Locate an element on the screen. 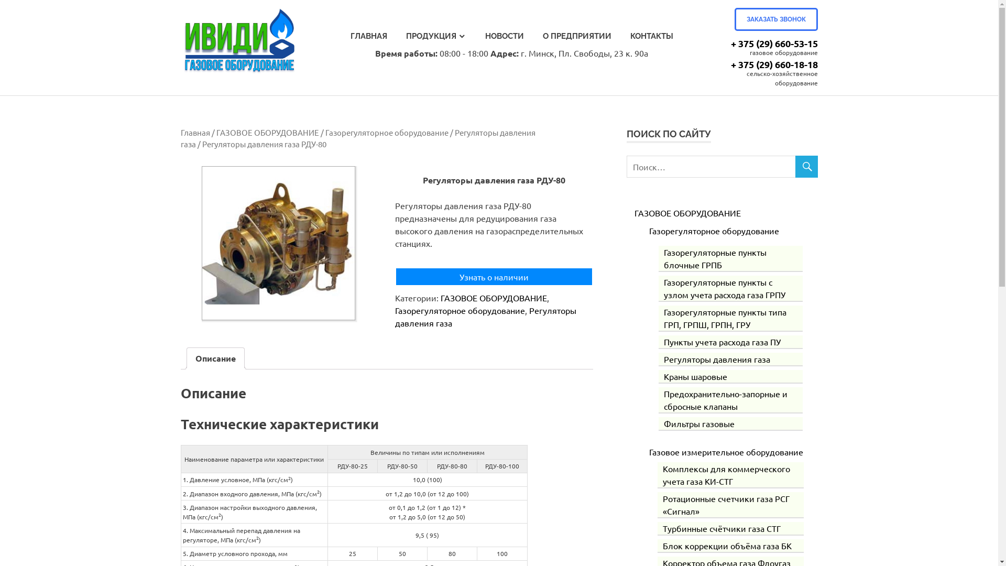 This screenshot has width=1006, height=566. '+ 375 (29) 660-18-18' is located at coordinates (729, 64).